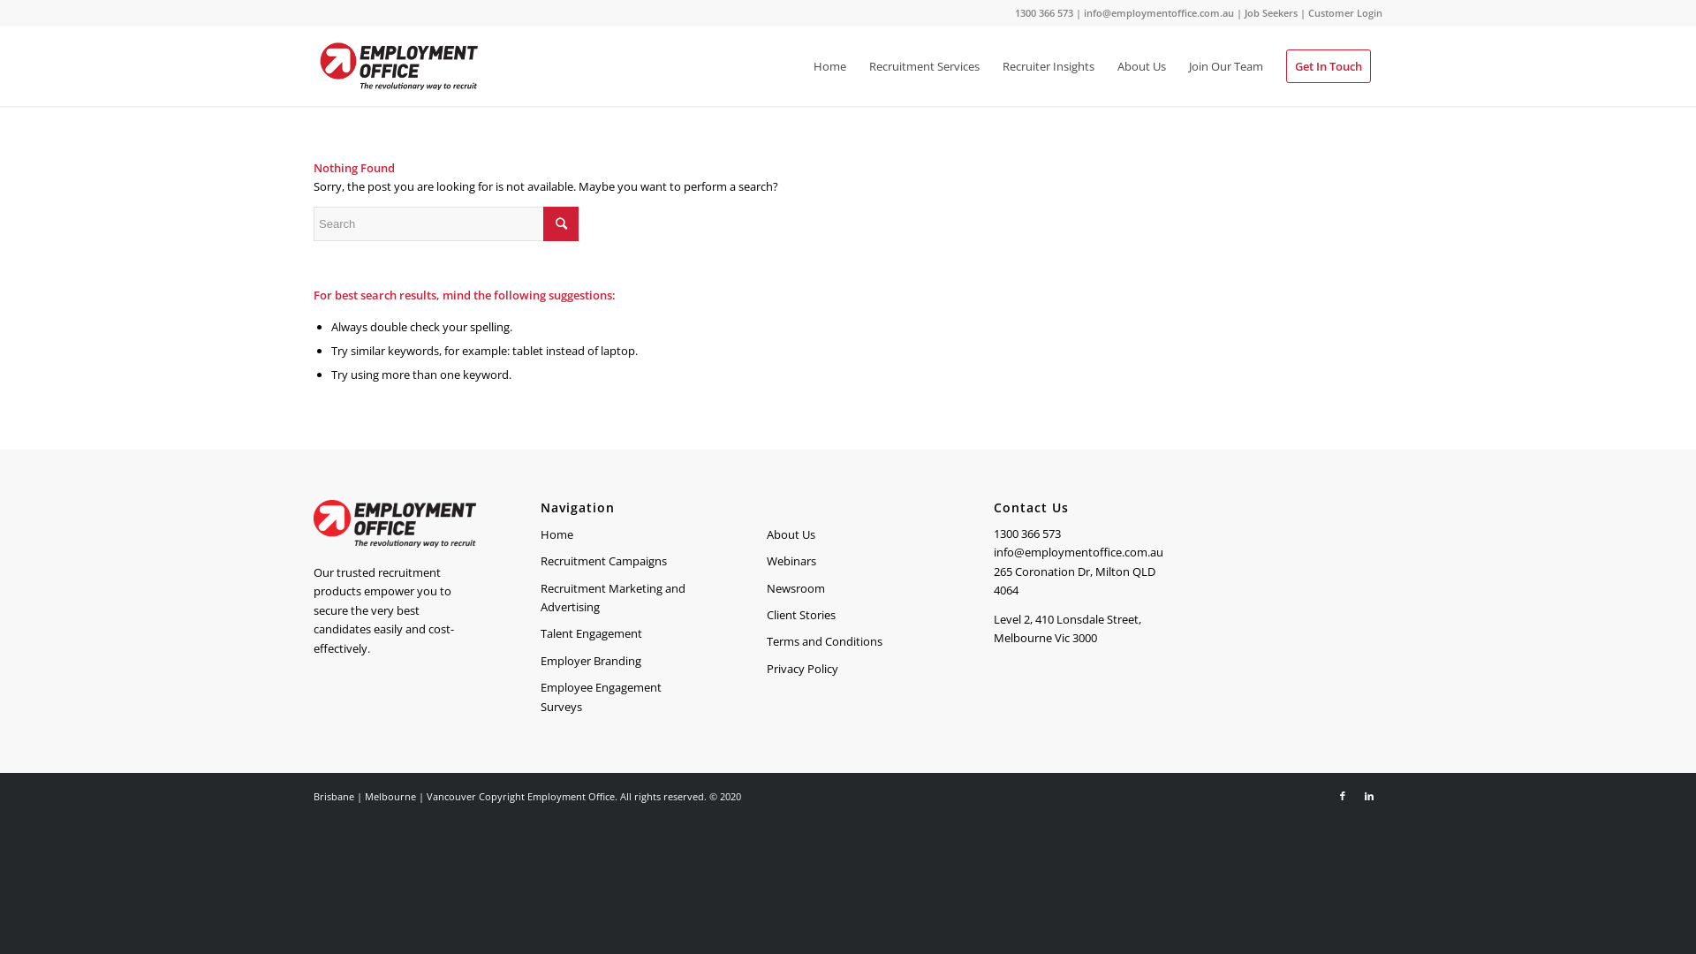 Image resolution: width=1696 pixels, height=954 pixels. What do you see at coordinates (1368, 796) in the screenshot?
I see `'LinkedIn'` at bounding box center [1368, 796].